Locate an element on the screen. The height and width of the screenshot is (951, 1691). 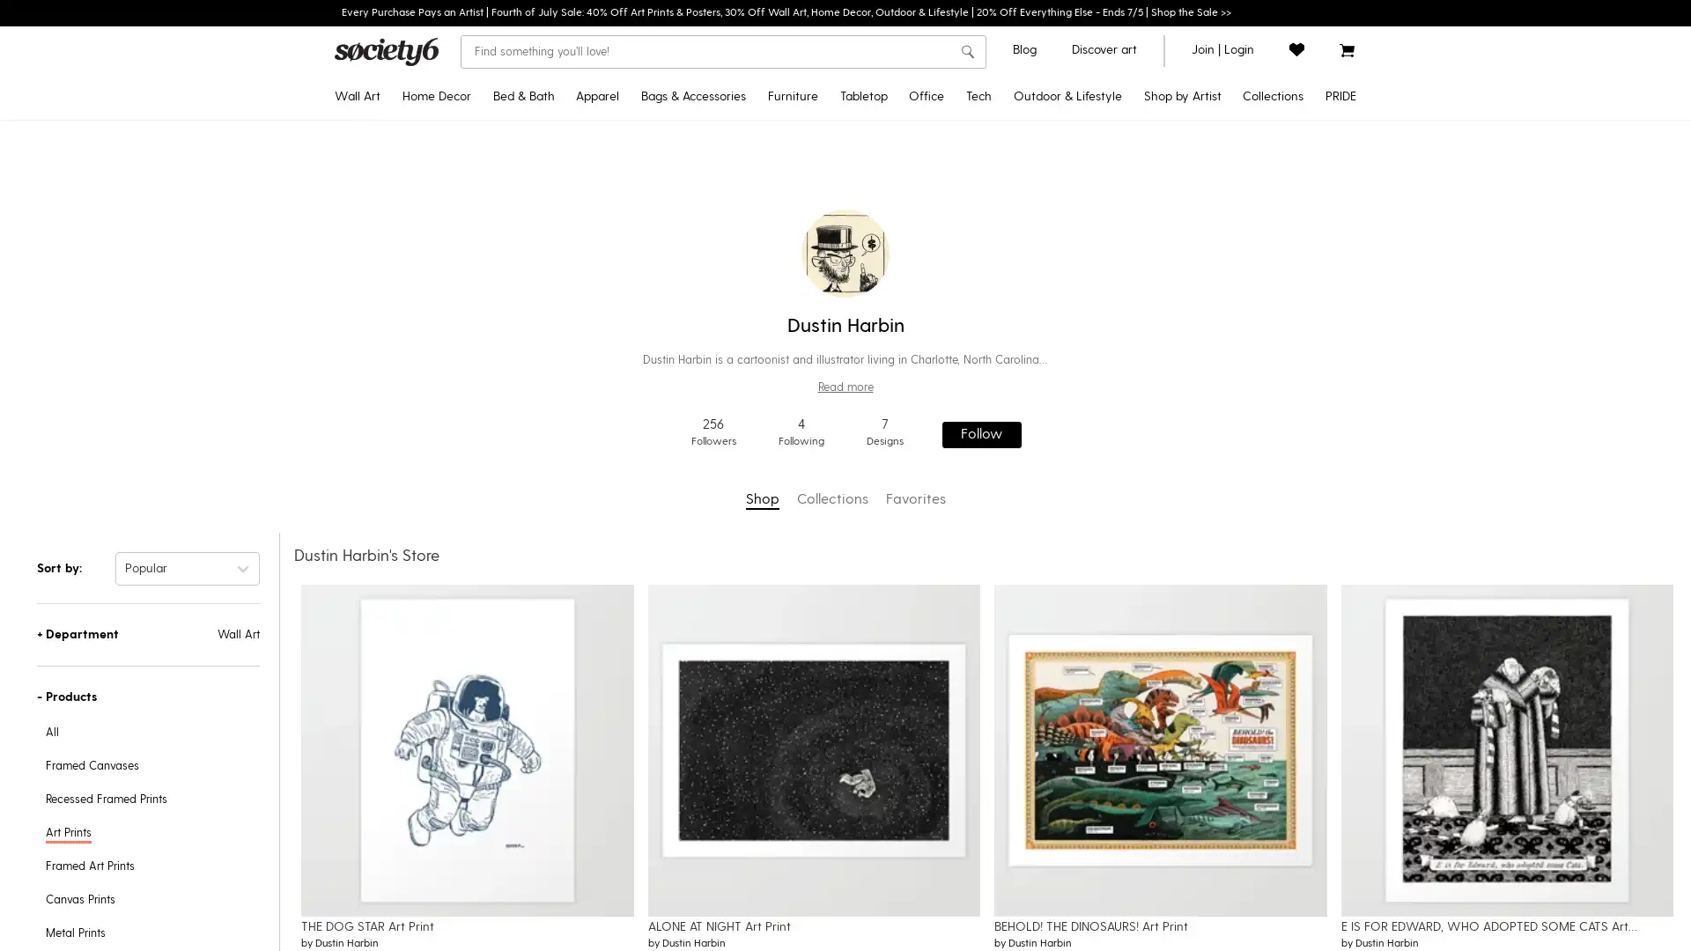
Coasters is located at coordinates (896, 282).